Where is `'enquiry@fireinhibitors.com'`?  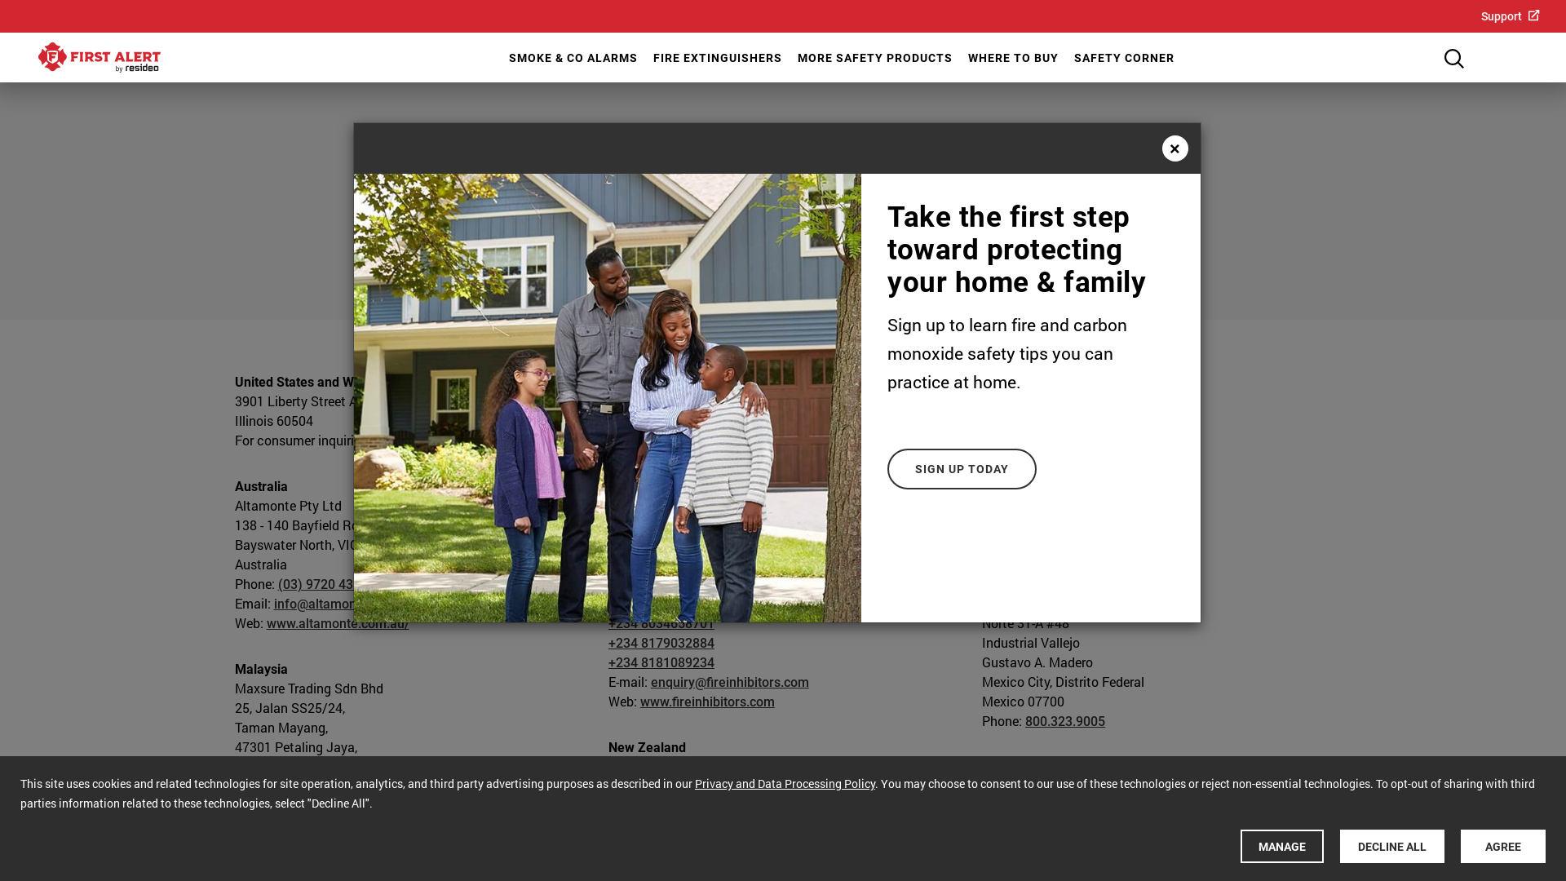 'enquiry@fireinhibitors.com' is located at coordinates (728, 681).